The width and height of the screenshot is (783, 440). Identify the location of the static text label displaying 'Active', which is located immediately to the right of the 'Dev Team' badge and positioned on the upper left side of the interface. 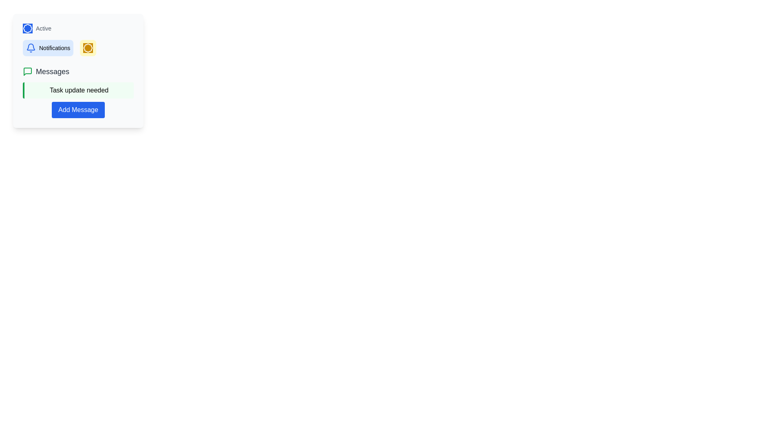
(43, 28).